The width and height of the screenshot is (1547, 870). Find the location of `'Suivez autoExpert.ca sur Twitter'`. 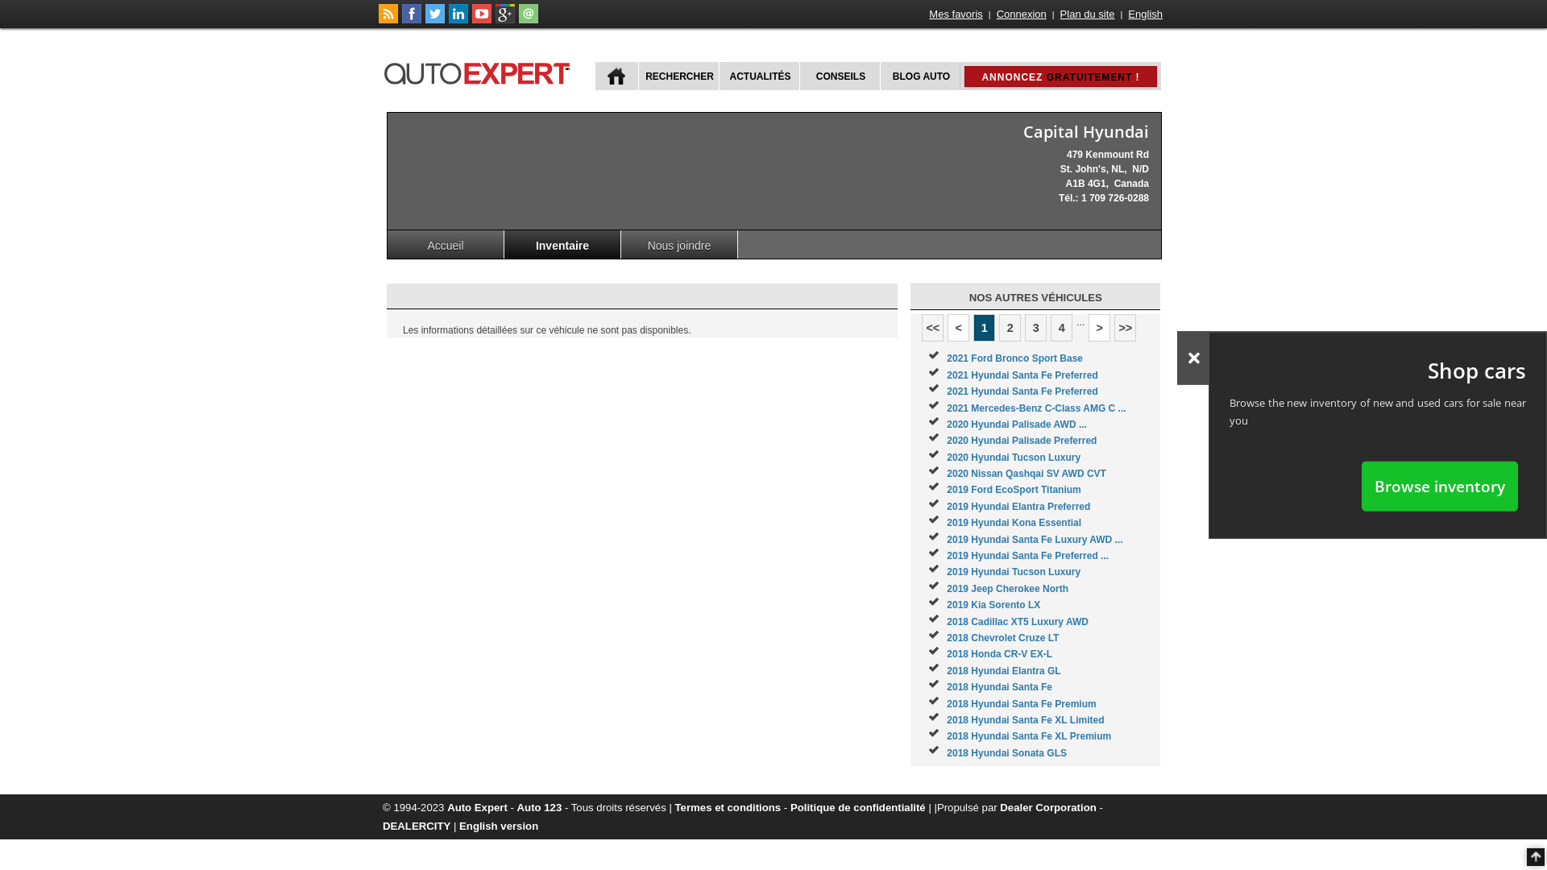

'Suivez autoExpert.ca sur Twitter' is located at coordinates (434, 19).